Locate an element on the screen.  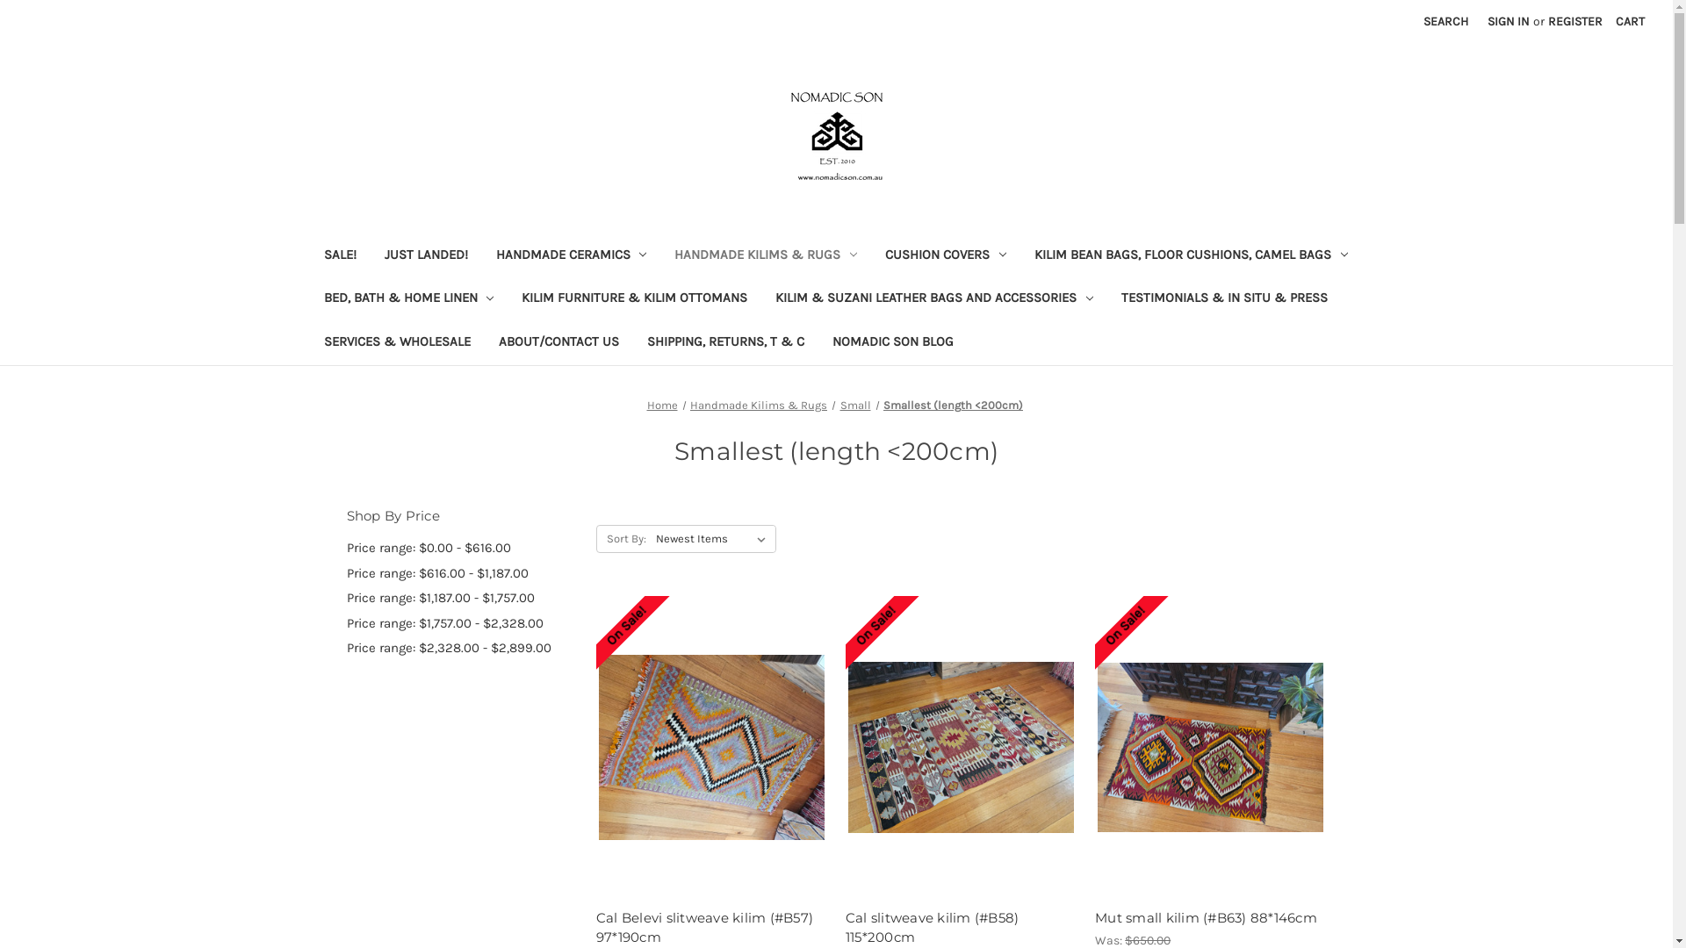
'SIGN IN' is located at coordinates (1508, 21).